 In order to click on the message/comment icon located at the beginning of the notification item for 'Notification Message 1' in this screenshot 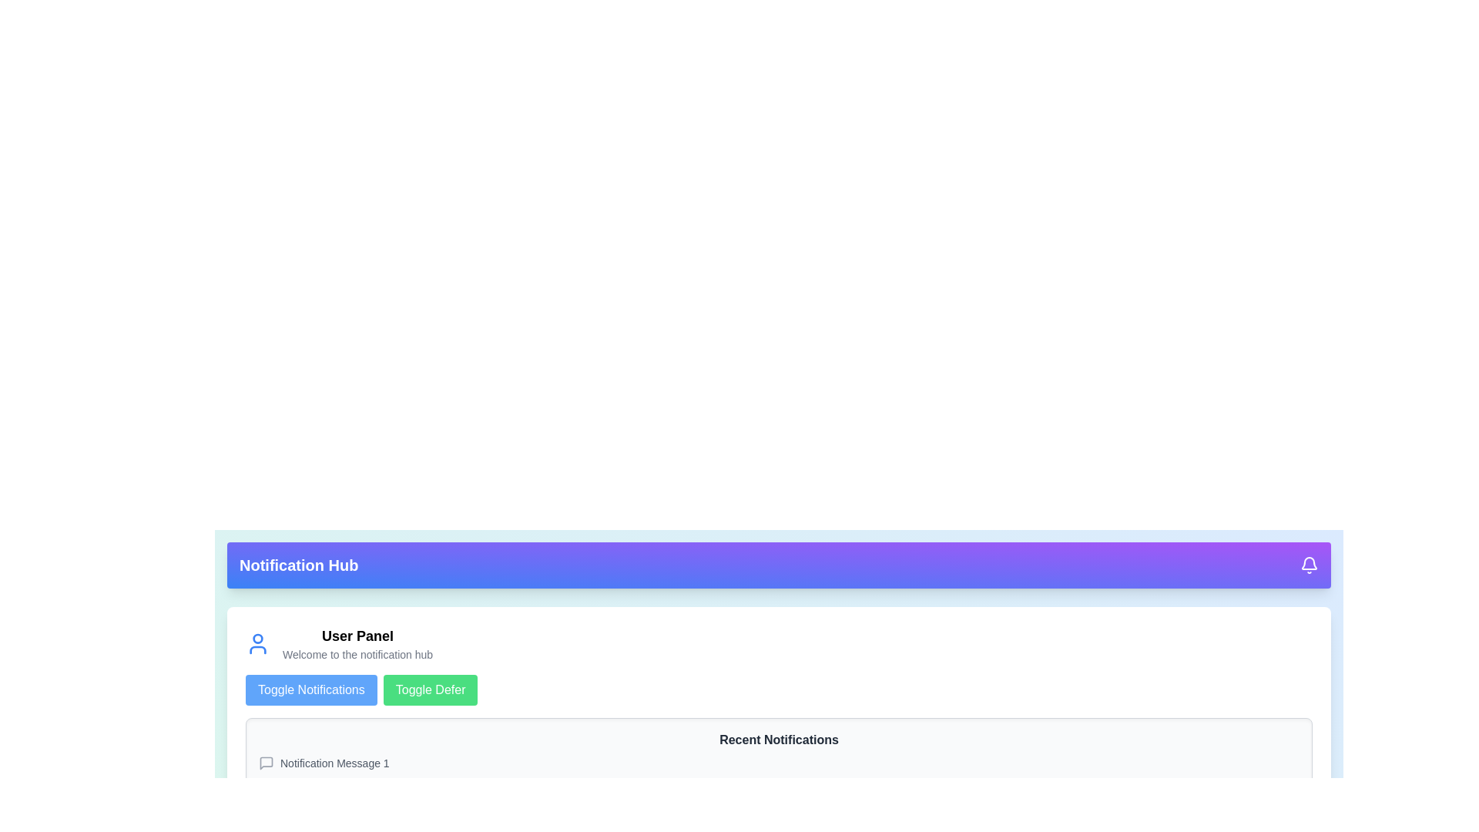, I will do `click(266, 763)`.